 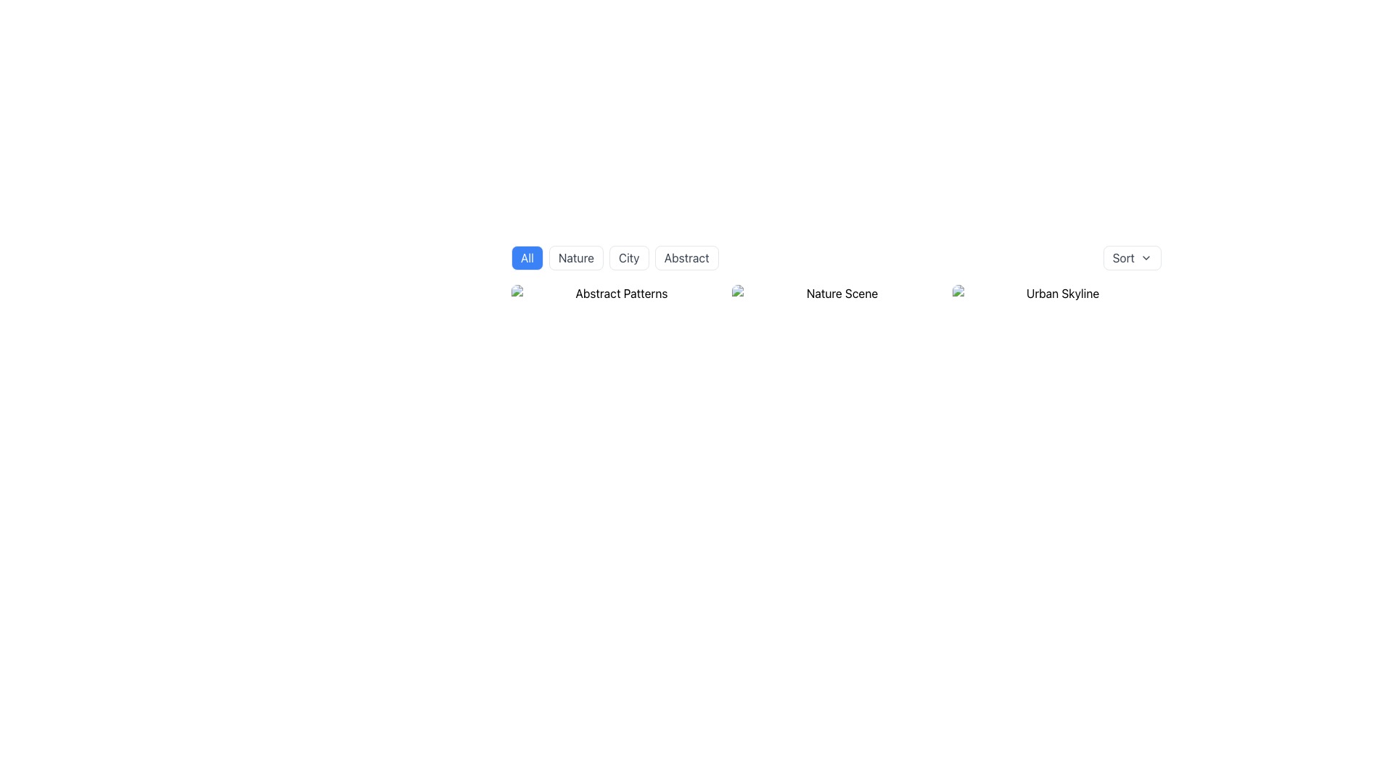 I want to click on the sorting button, so click(x=1131, y=257).